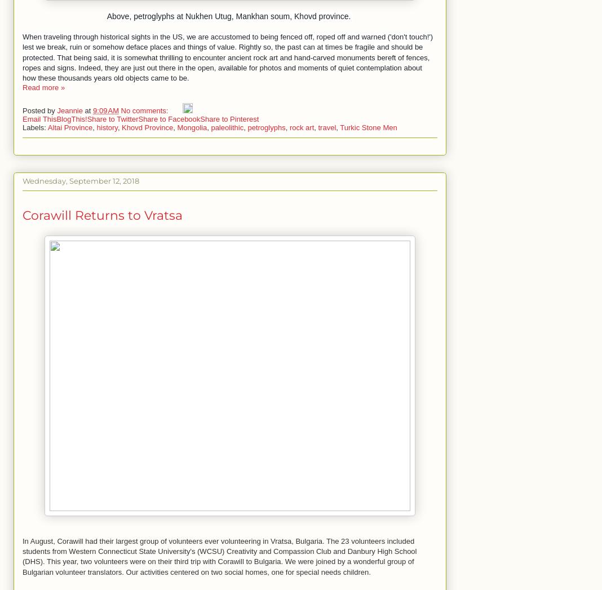  I want to click on 'No comments:', so click(145, 109).